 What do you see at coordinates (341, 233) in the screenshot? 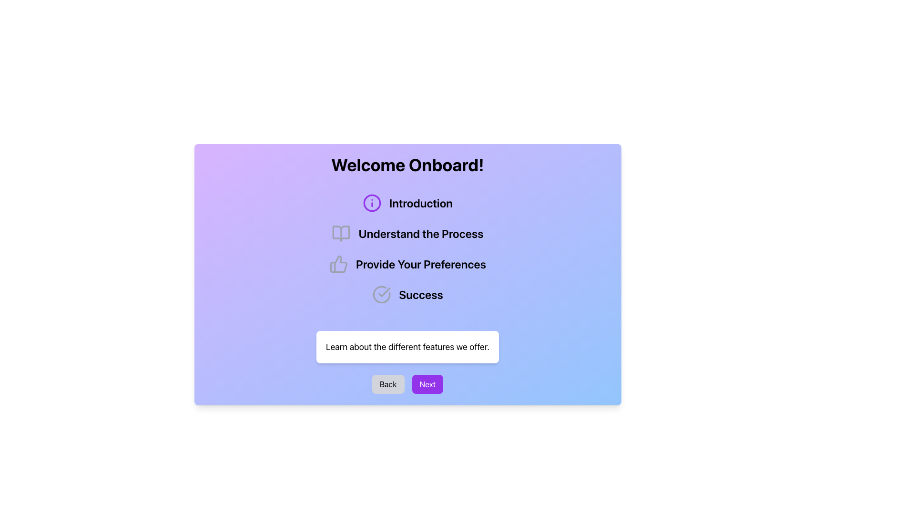
I see `the stylized open book icon located to the left of the 'Understand the Process' text, highlighting it in the user interface` at bounding box center [341, 233].